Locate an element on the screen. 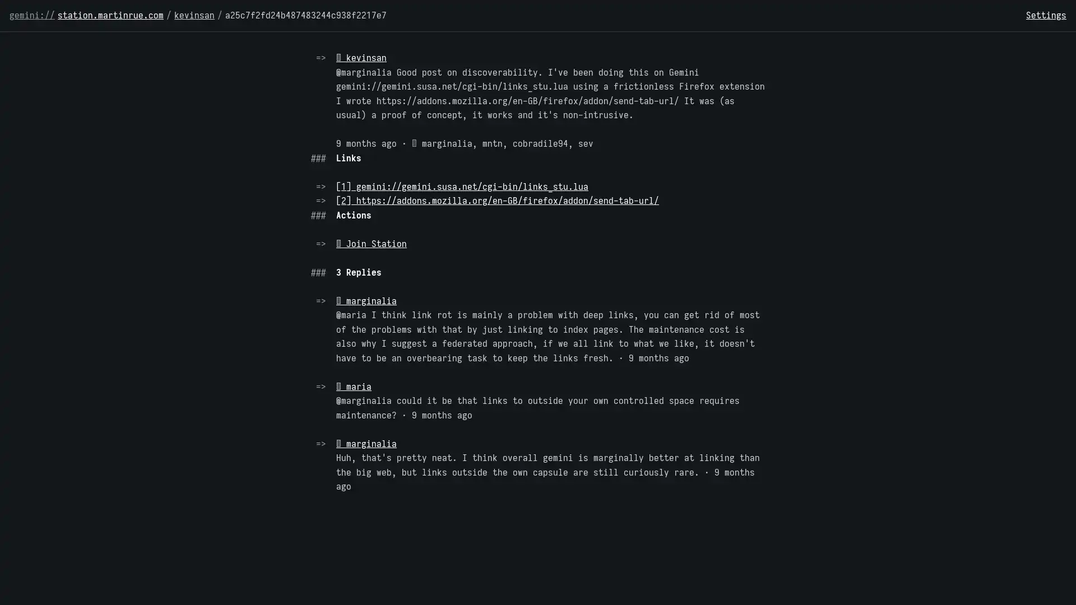 This screenshot has width=1076, height=605. Settings is located at coordinates (1046, 15).